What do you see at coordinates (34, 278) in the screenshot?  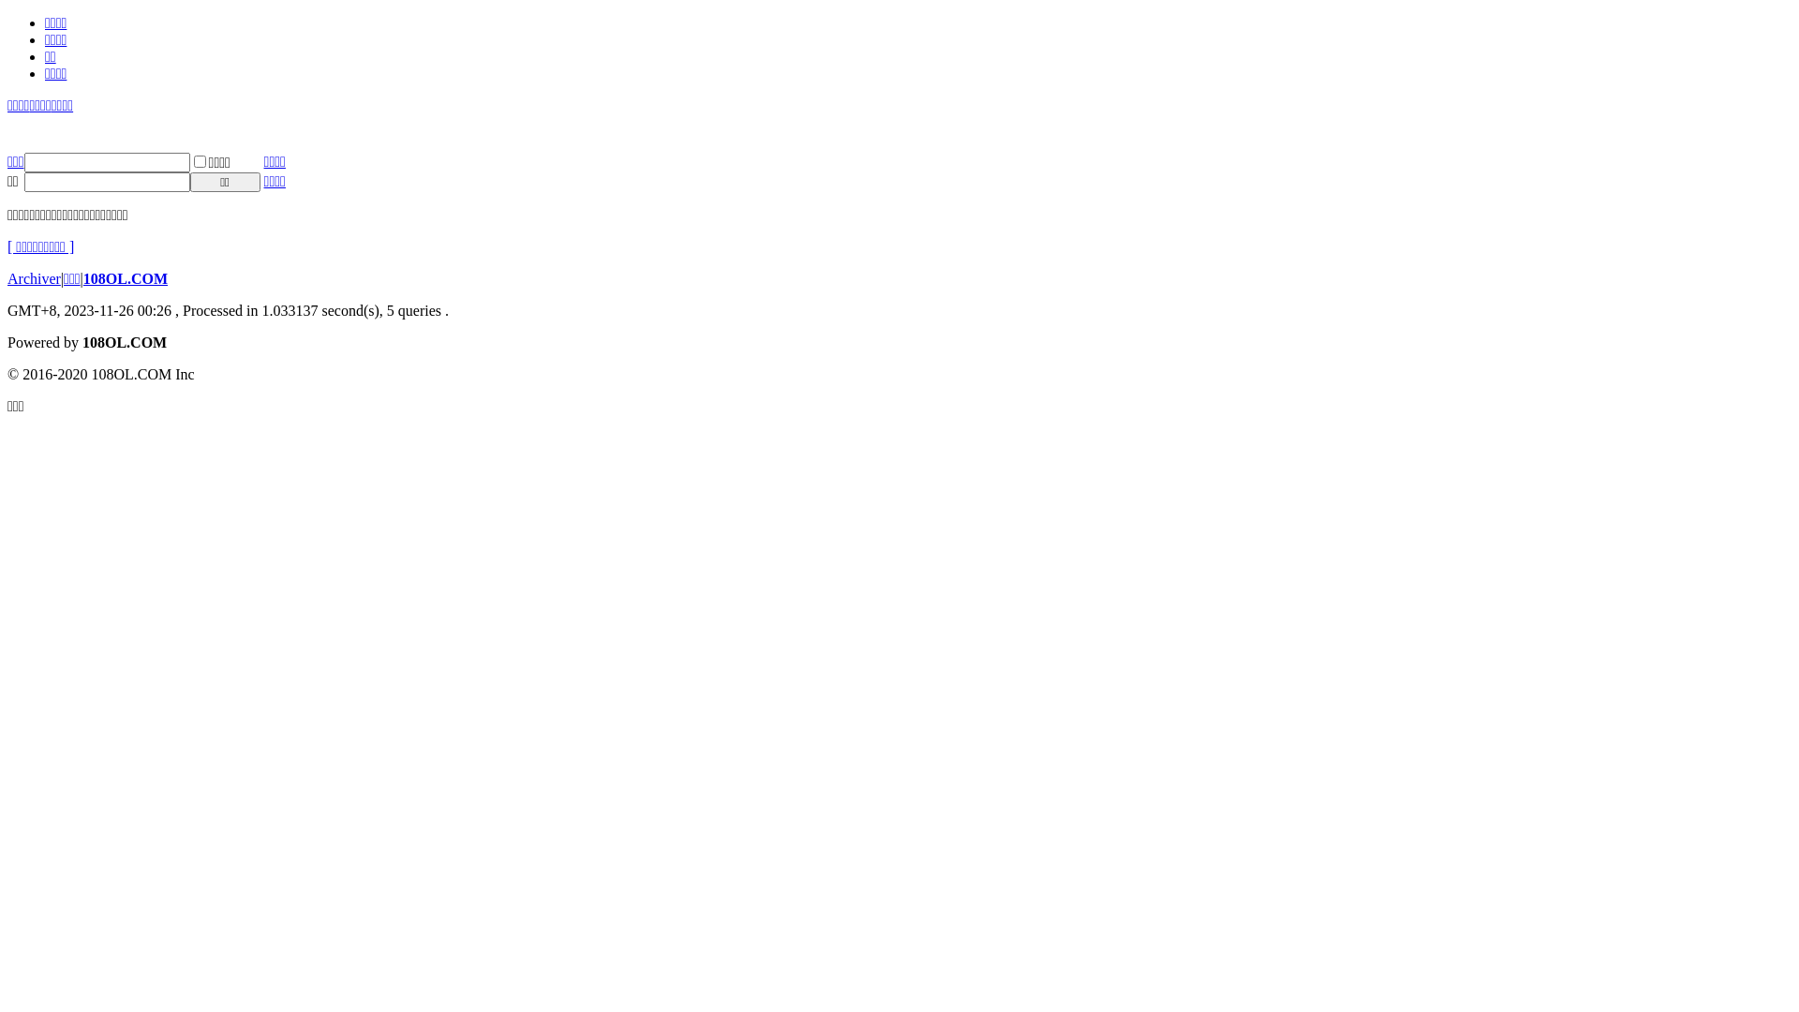 I see `'Archiver'` at bounding box center [34, 278].